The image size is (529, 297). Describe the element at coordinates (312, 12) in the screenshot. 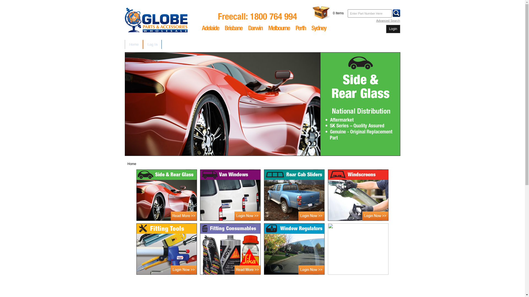

I see `' View your Cart '` at that location.